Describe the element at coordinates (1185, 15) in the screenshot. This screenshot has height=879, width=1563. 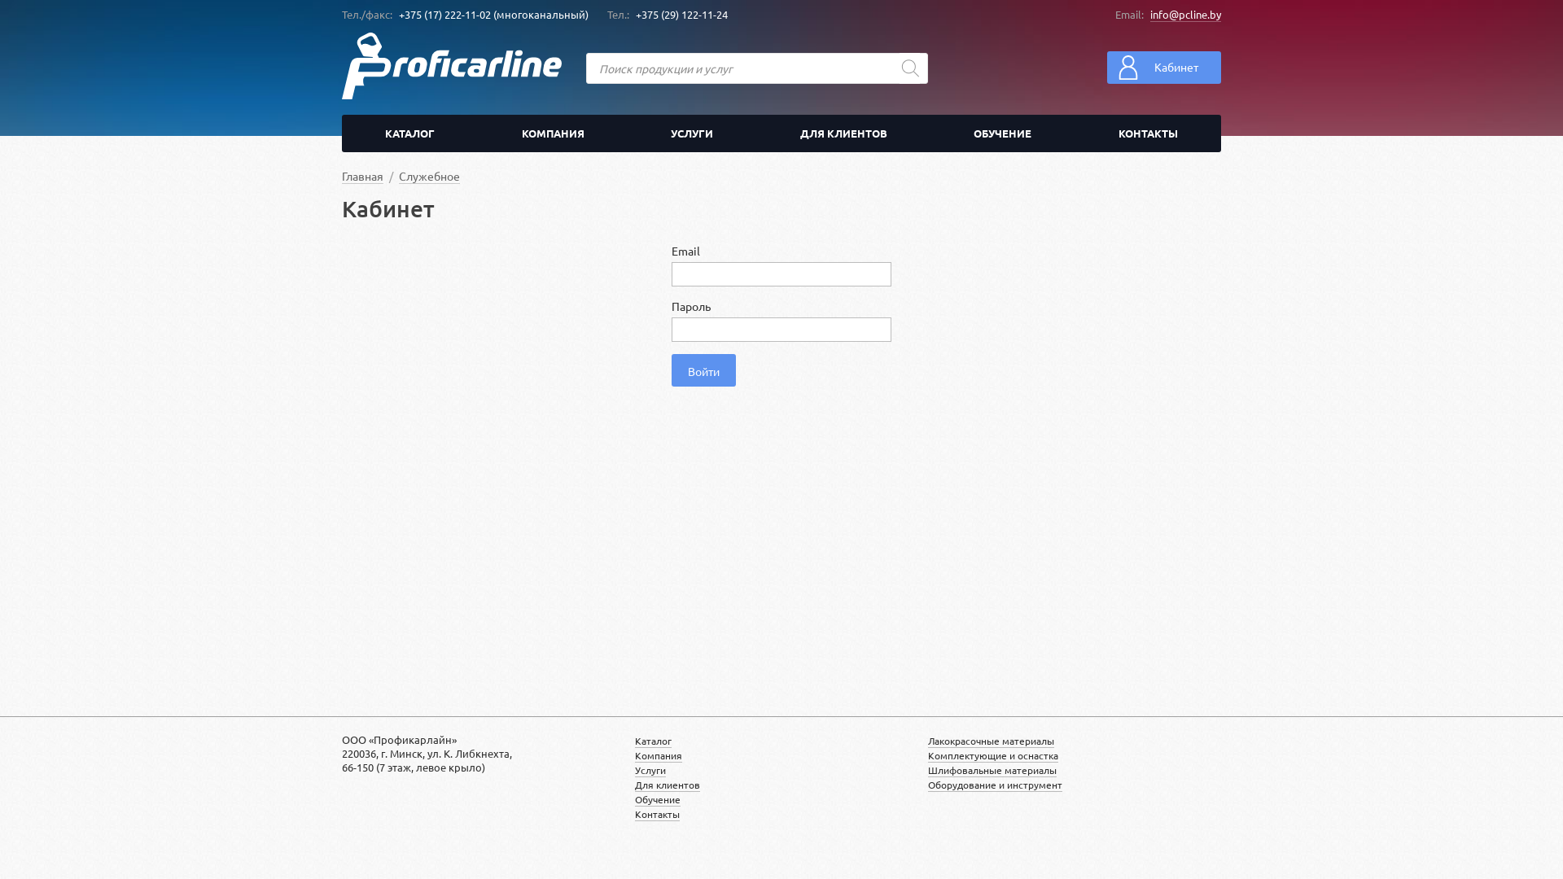
I see `'info@pcline.by'` at that location.